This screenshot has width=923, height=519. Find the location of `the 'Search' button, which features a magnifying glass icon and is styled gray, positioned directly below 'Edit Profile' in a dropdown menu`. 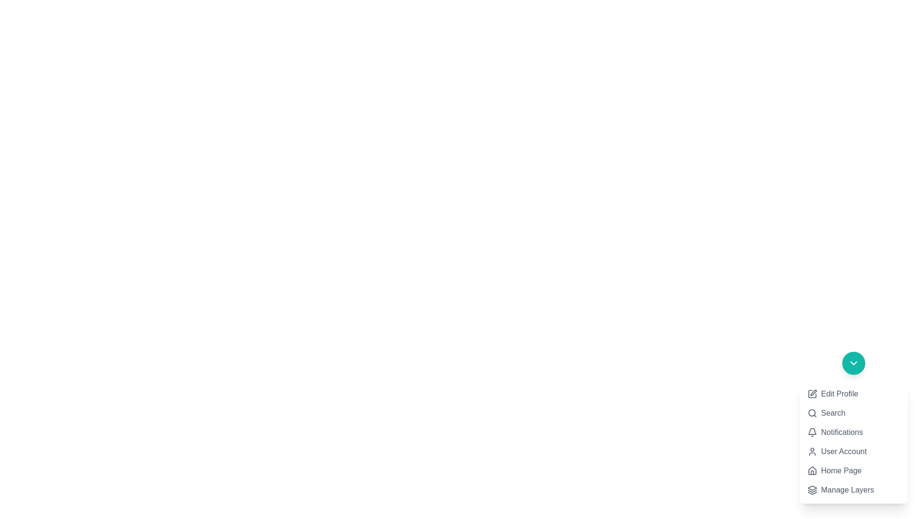

the 'Search' button, which features a magnifying glass icon and is styled gray, positioned directly below 'Edit Profile' in a dropdown menu is located at coordinates (825, 413).